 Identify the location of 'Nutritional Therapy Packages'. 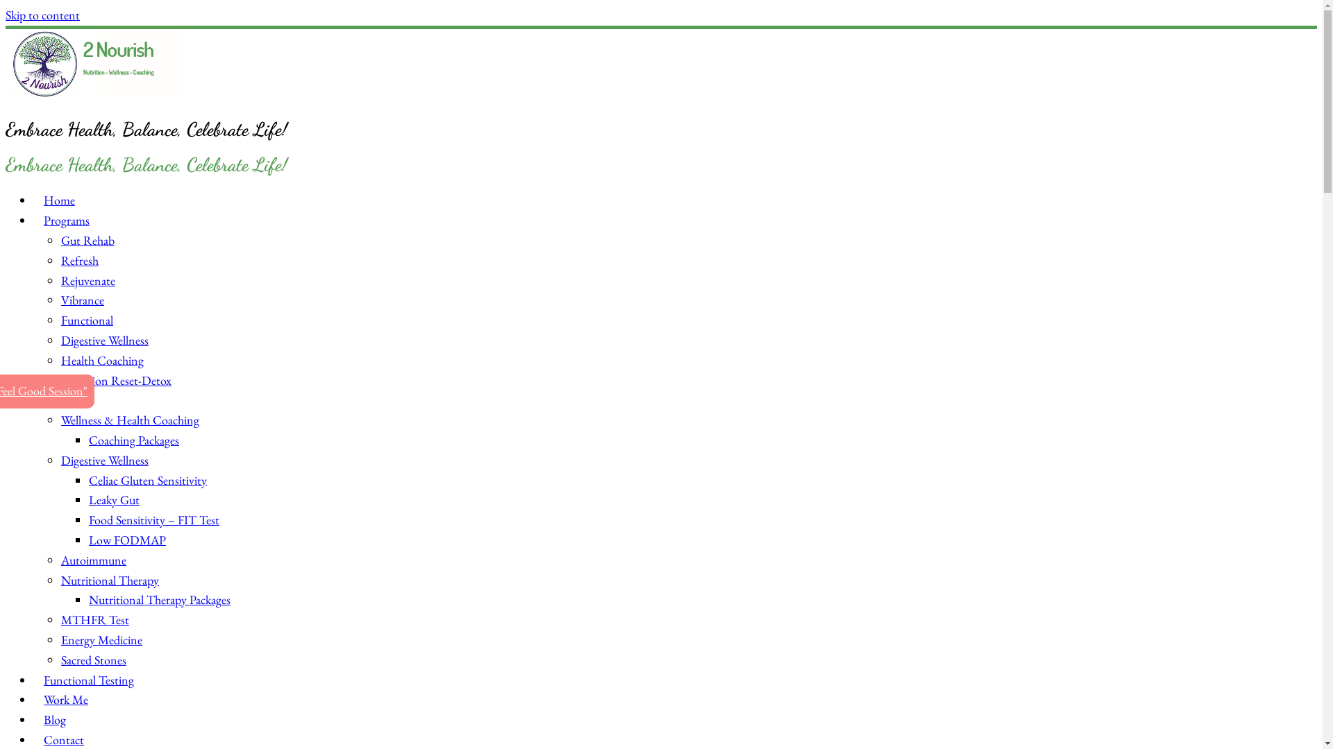
(160, 599).